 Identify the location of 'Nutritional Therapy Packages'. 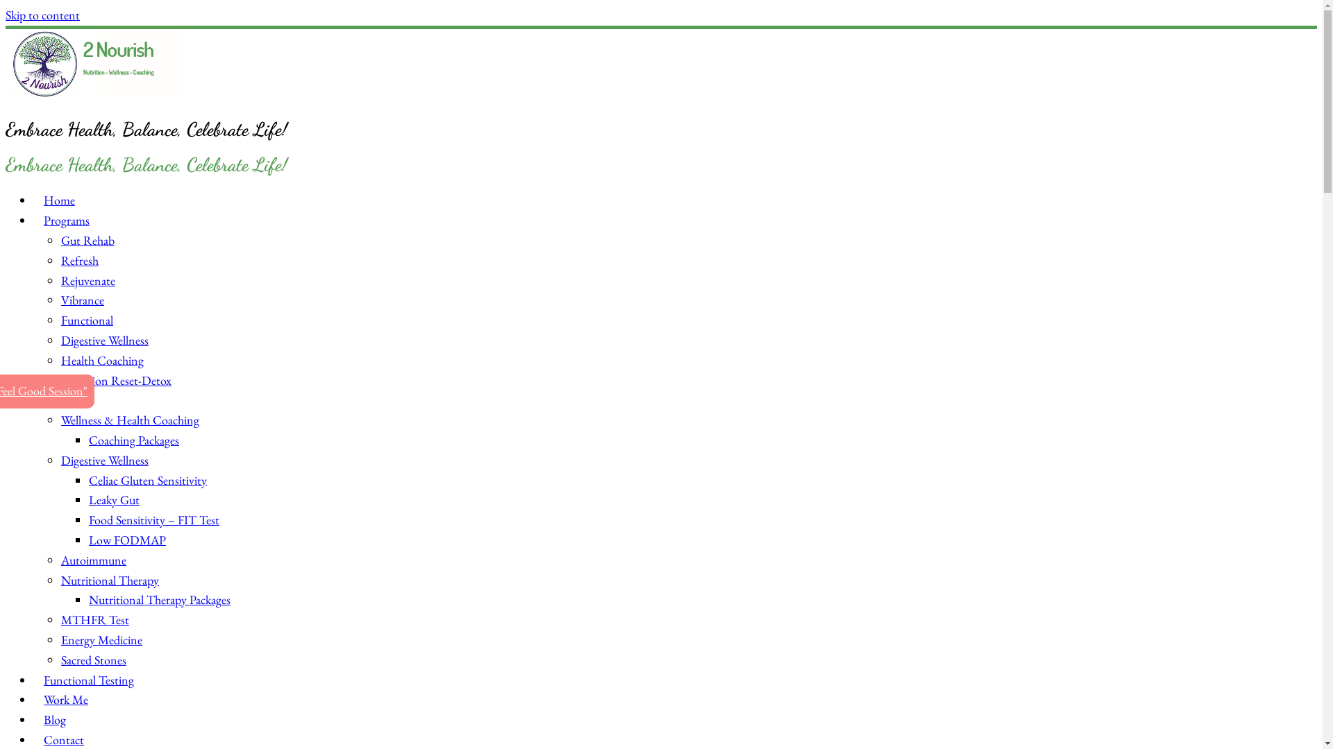
(160, 599).